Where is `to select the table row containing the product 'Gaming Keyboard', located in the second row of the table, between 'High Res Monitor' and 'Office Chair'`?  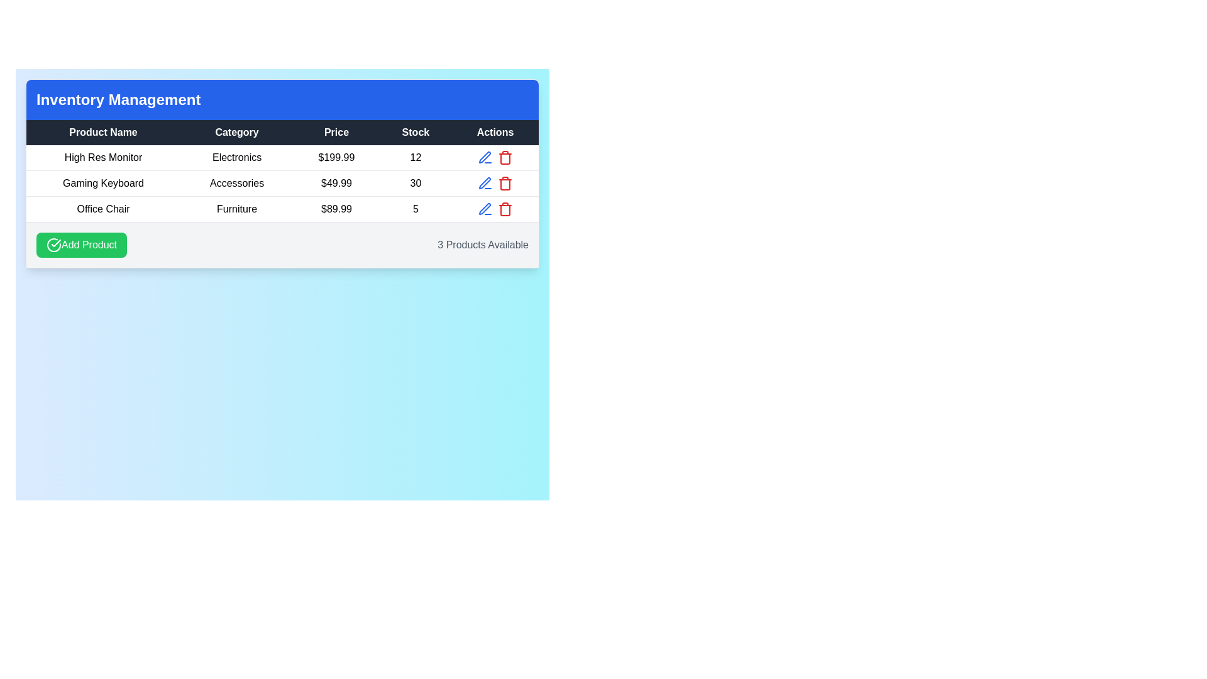
to select the table row containing the product 'Gaming Keyboard', located in the second row of the table, between 'High Res Monitor' and 'Office Chair' is located at coordinates (282, 184).